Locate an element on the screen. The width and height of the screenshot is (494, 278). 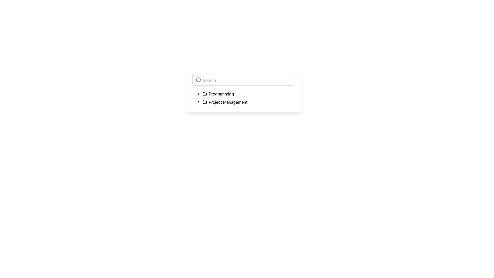
the 'Programming' category label with the accompanying icon is located at coordinates (218, 94).